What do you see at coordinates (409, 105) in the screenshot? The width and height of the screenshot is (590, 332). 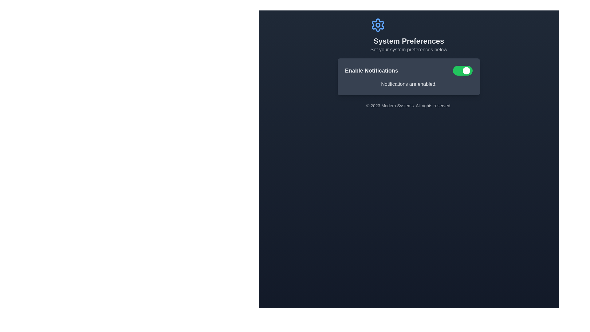 I see `the static text label at the bottom of the system settings interface displaying '© 2023 Modern Systems. All rights reserved.'` at bounding box center [409, 105].